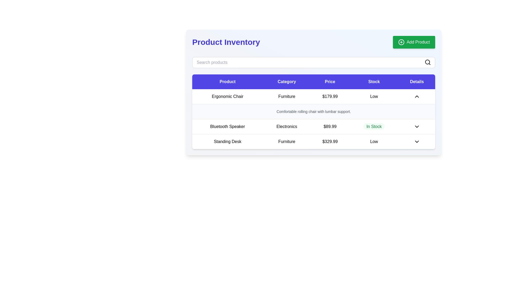  I want to click on the descriptive text 'Comfortable rolling chair with lumbar support.' located in the second row under the 'Product' column of the product inventory table, so click(314, 111).